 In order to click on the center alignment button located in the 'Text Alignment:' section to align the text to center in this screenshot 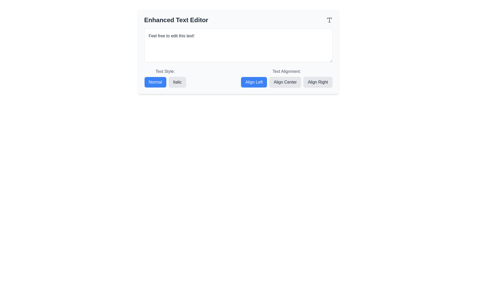, I will do `click(286, 82)`.